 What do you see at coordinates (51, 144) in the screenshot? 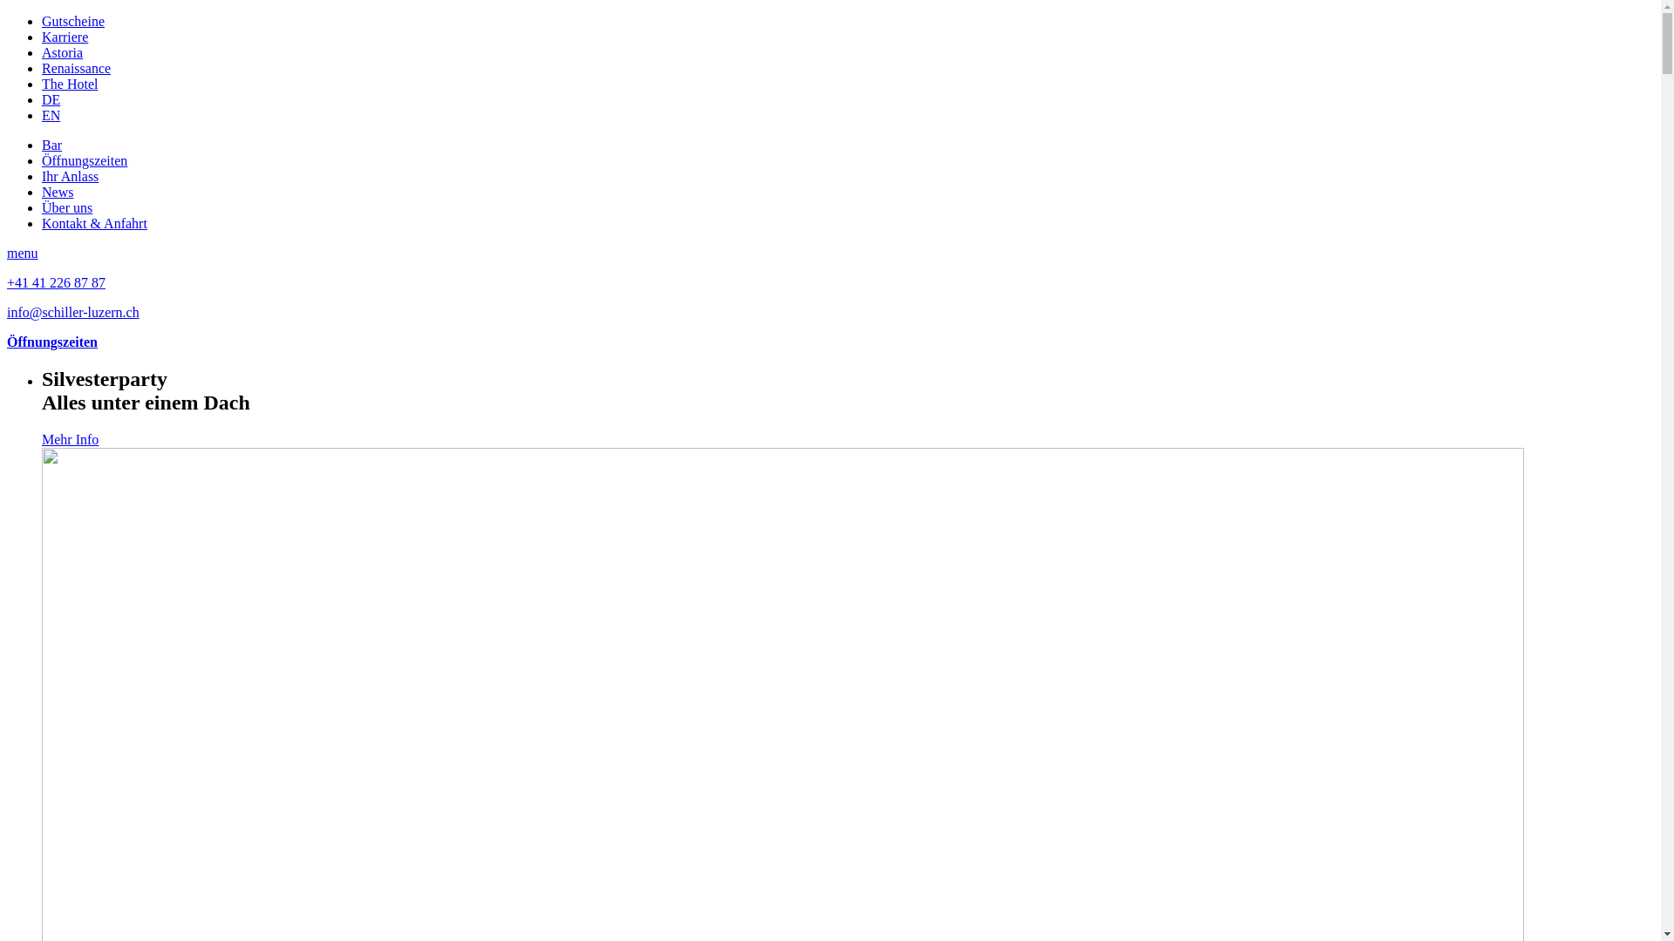
I see `'Bar'` at bounding box center [51, 144].